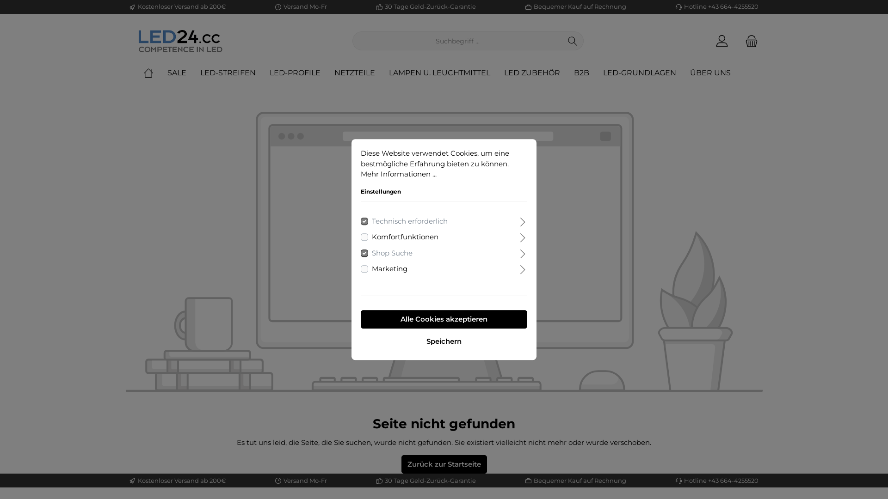 This screenshot has height=499, width=888. I want to click on 'Speichern', so click(360, 341).